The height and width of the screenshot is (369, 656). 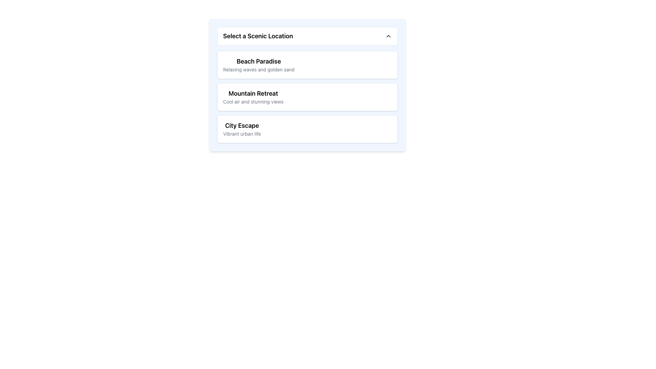 I want to click on the selectable list item labeled 'Mountain Retreat', so click(x=307, y=97).